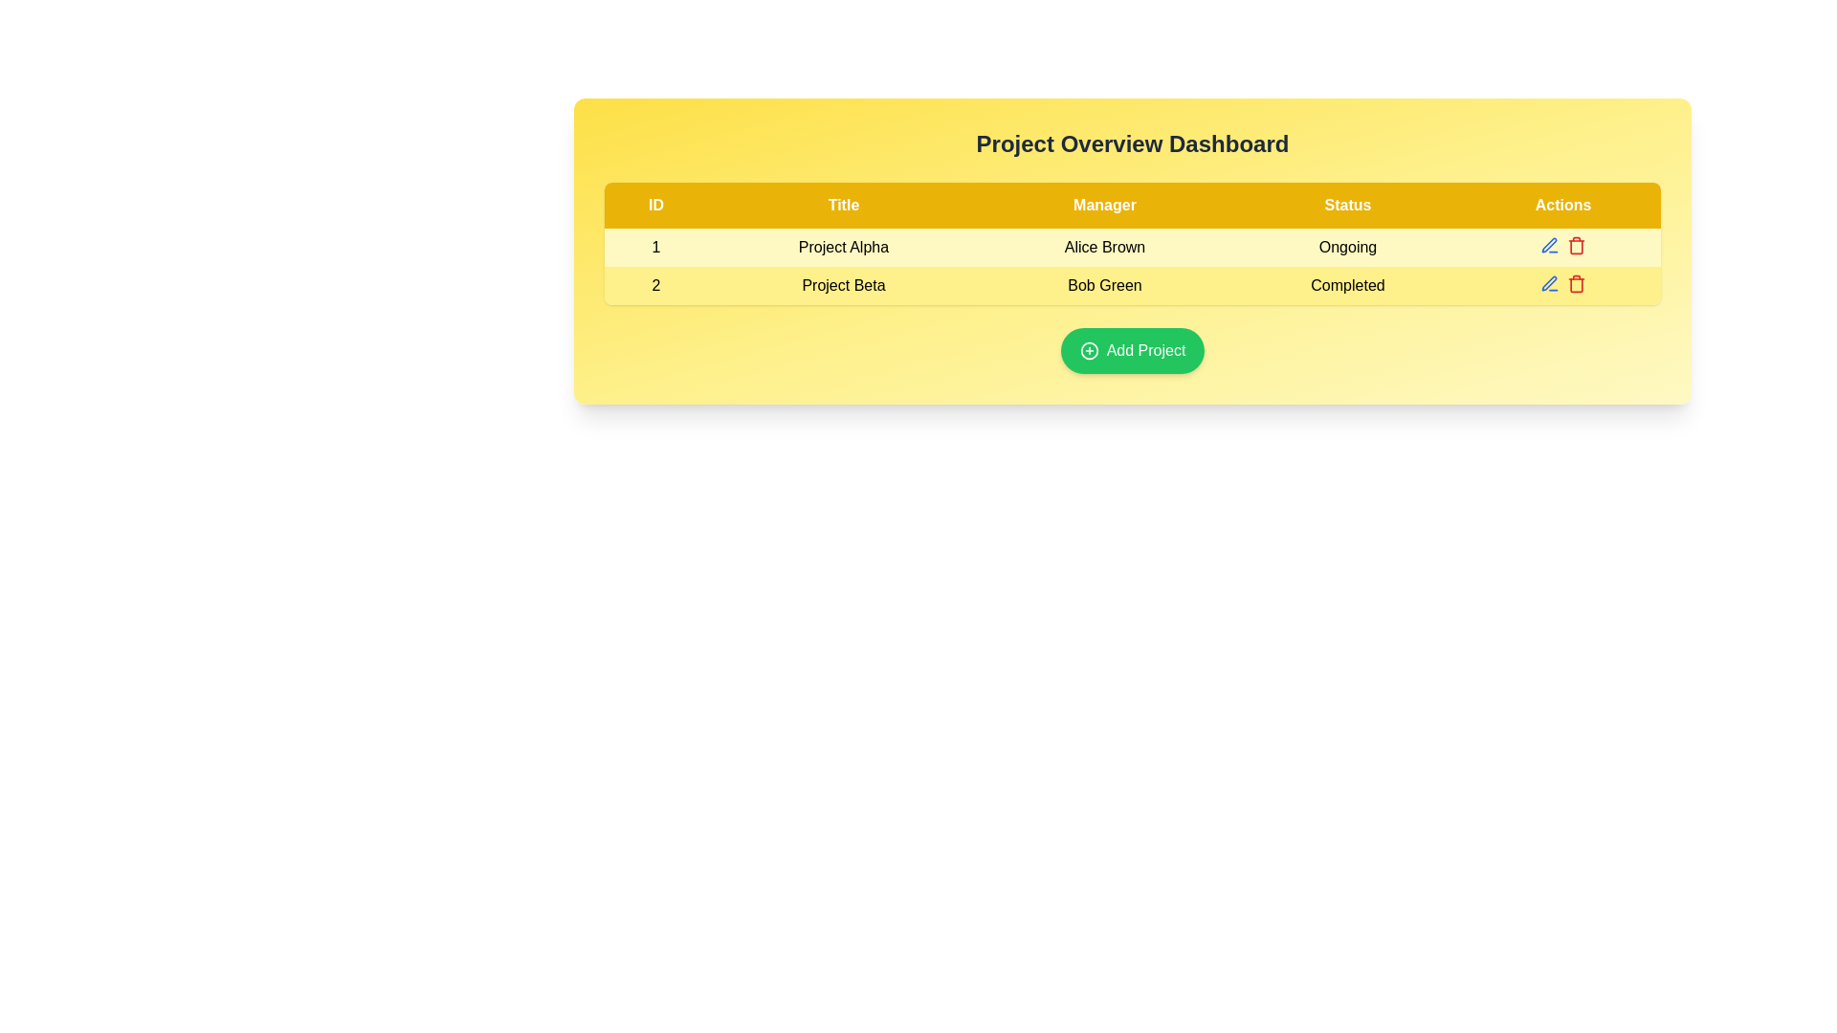 Image resolution: width=1837 pixels, height=1033 pixels. Describe the element at coordinates (1562, 284) in the screenshot. I see `the interactive button group containing the pencil and trash can icons for editing and deleting the project entry titled 'Project Beta' in the 'Actions' column` at that location.